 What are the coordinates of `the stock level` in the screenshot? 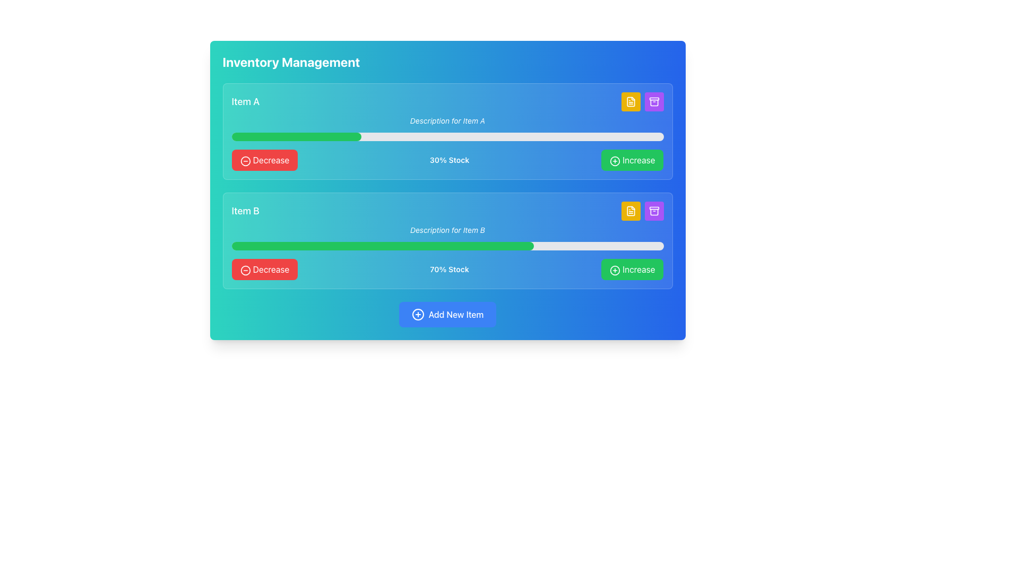 It's located at (274, 136).